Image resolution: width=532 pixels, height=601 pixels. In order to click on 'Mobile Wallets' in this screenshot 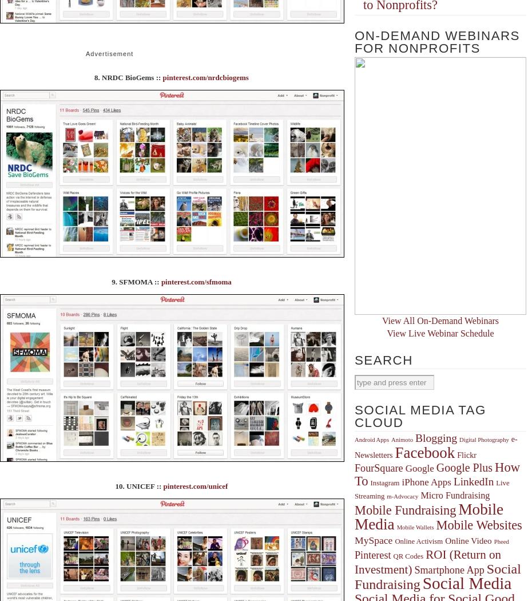, I will do `click(415, 527)`.